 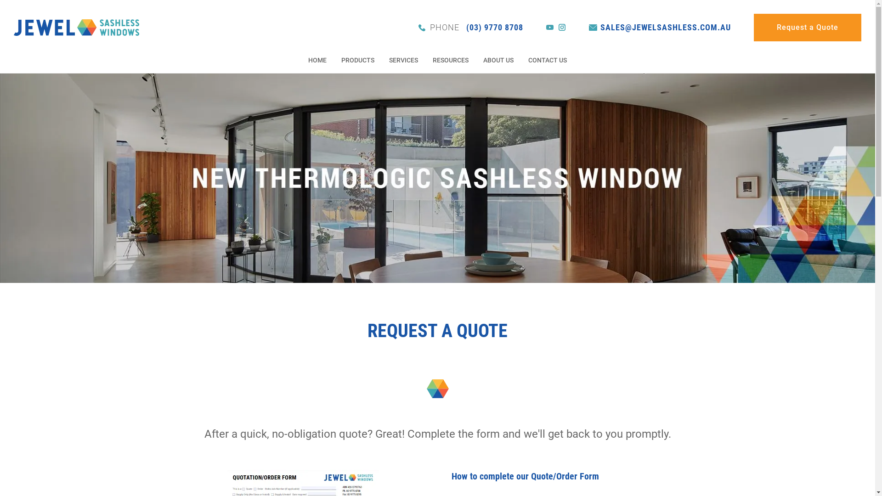 What do you see at coordinates (754, 27) in the screenshot?
I see `'Request a Quote'` at bounding box center [754, 27].